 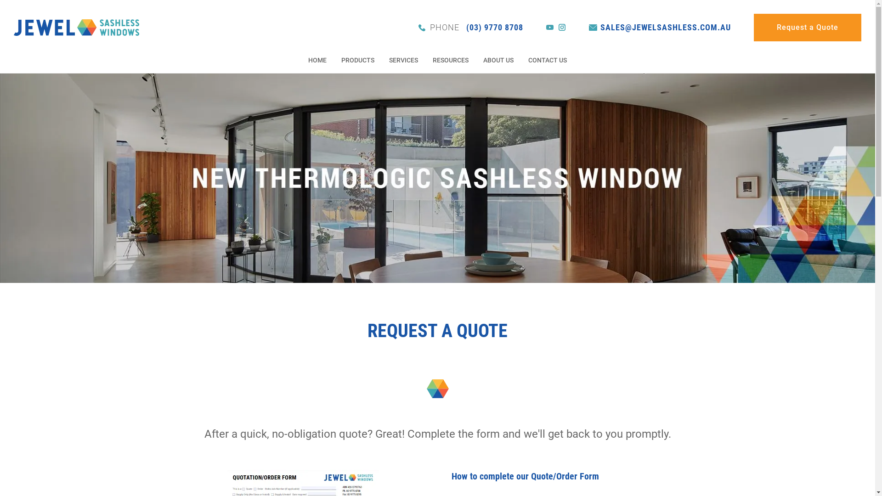 What do you see at coordinates (754, 27) in the screenshot?
I see `'Request a Quote'` at bounding box center [754, 27].